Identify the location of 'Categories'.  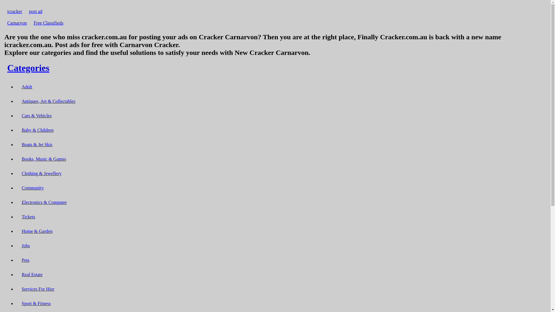
(28, 68).